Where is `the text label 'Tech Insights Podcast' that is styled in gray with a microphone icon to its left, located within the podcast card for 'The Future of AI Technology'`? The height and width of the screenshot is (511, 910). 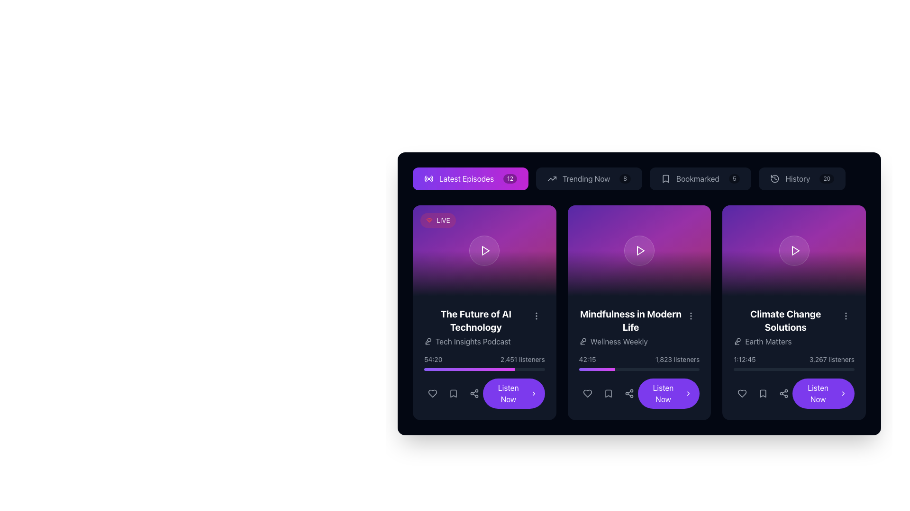
the text label 'Tech Insights Podcast' that is styled in gray with a microphone icon to its left, located within the podcast card for 'The Future of AI Technology' is located at coordinates (476, 341).